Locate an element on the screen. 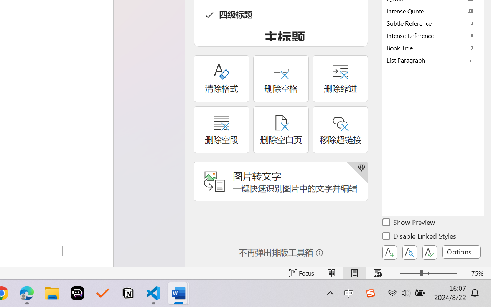  'Book Title' is located at coordinates (433, 47).